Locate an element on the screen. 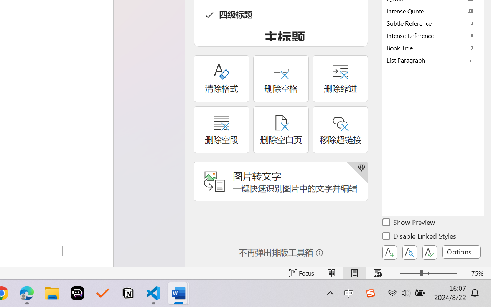  'Book Title' is located at coordinates (433, 47).